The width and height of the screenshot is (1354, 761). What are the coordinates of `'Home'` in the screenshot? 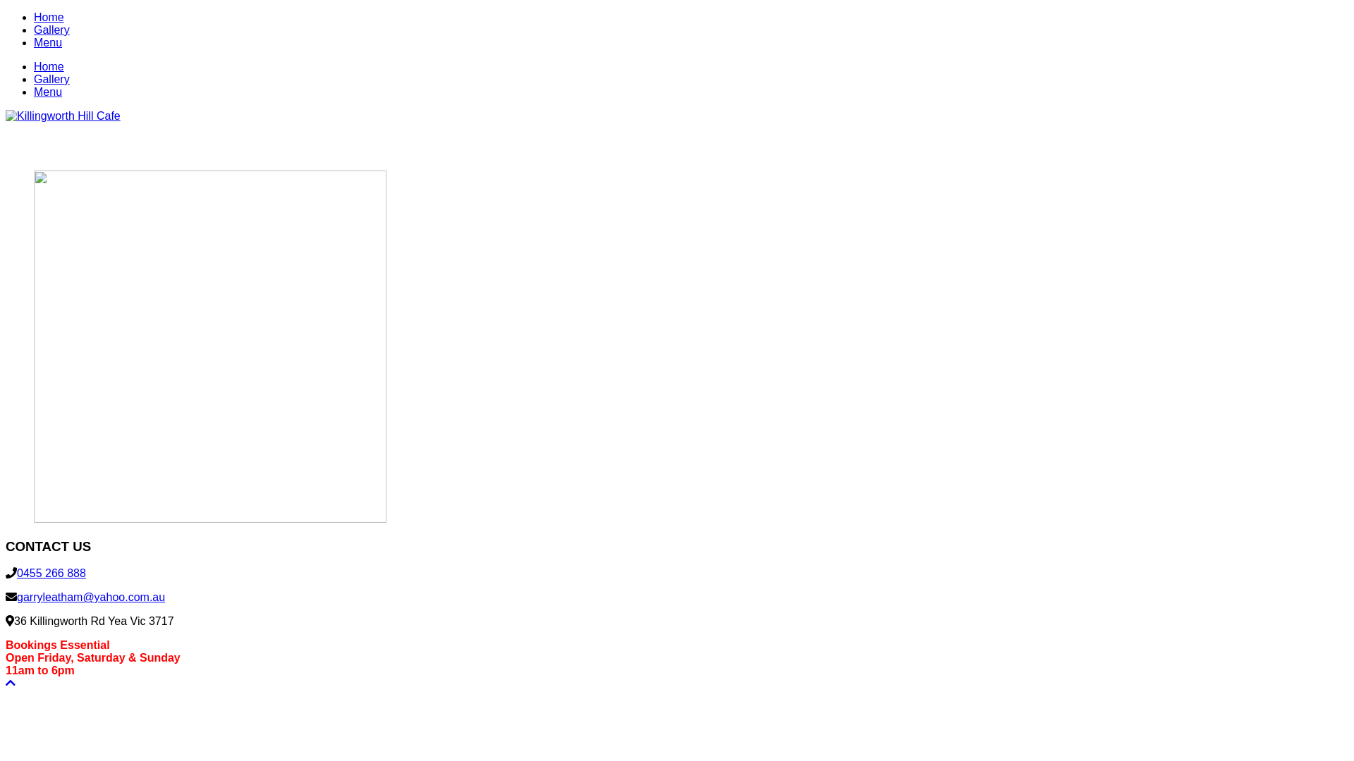 It's located at (49, 17).